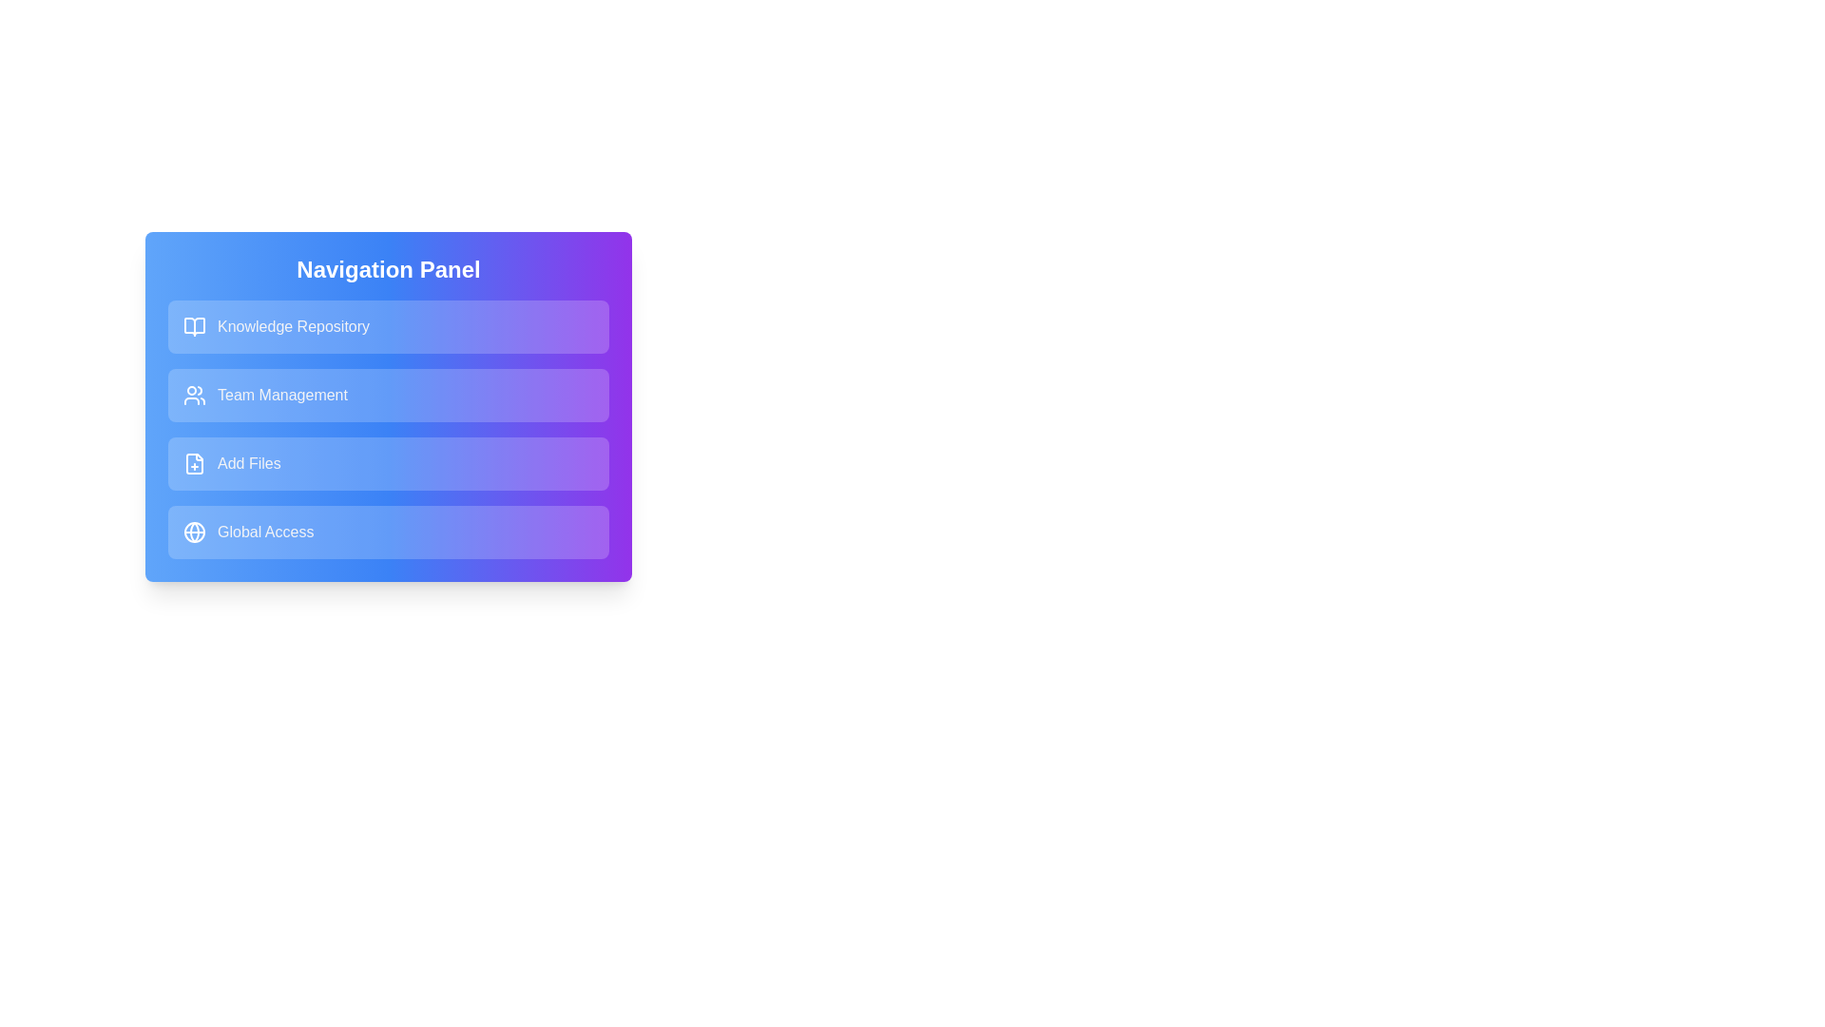  Describe the element at coordinates (387, 532) in the screenshot. I see `the navigation item labeled 'Global Access'` at that location.